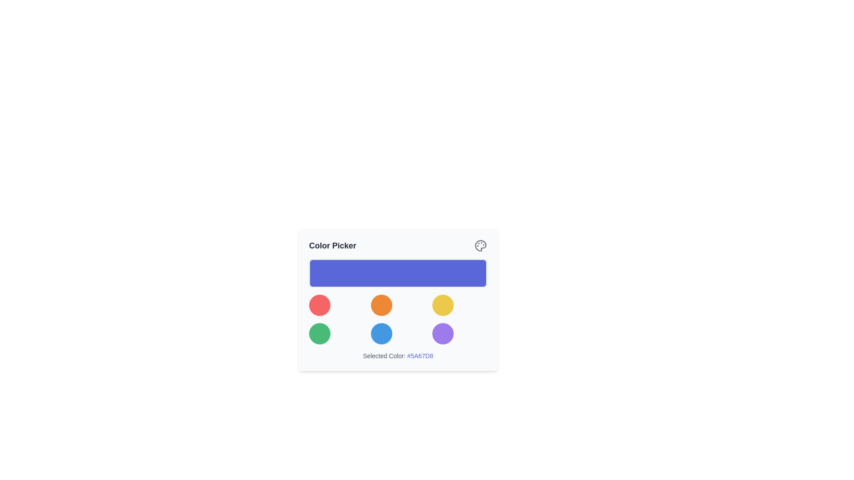 The width and height of the screenshot is (854, 480). What do you see at coordinates (320, 304) in the screenshot?
I see `the circular red button located in the first row and first column of the grid layout` at bounding box center [320, 304].